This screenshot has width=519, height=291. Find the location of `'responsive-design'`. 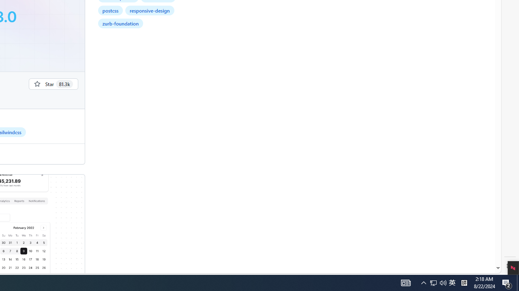

'responsive-design' is located at coordinates (150, 10).